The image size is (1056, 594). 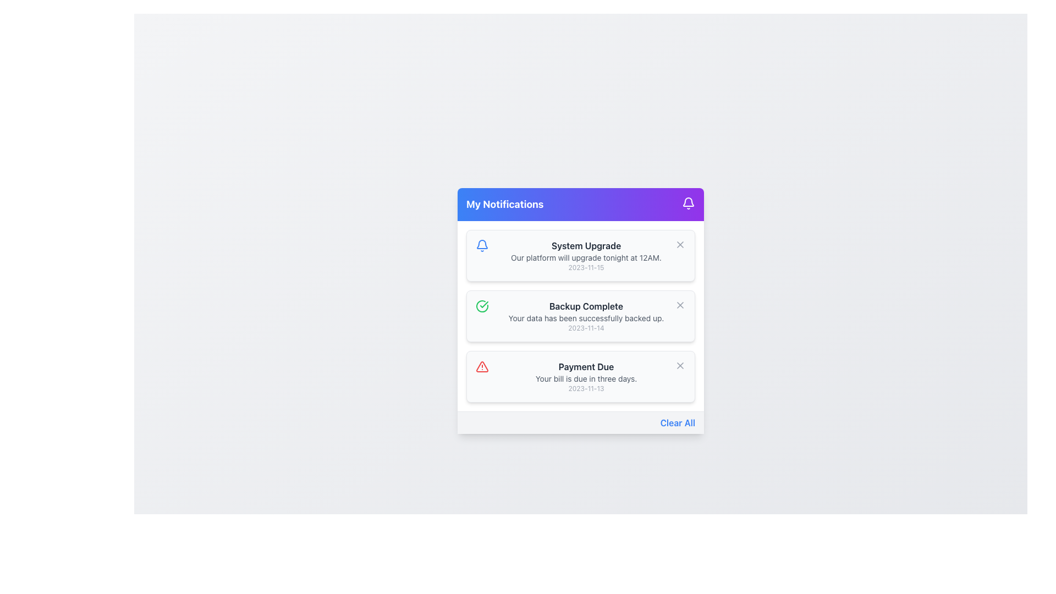 What do you see at coordinates (680, 243) in the screenshot?
I see `the close icon button, which appears as a diagonal cross mark in the top-right corner of the second notification card` at bounding box center [680, 243].